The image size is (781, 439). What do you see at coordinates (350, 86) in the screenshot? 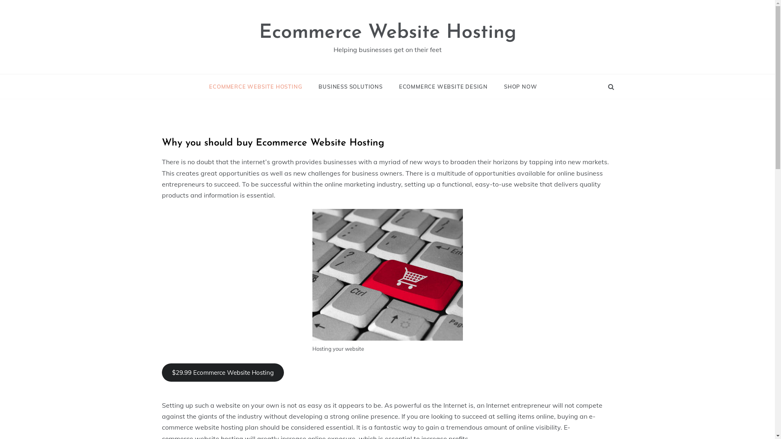
I see `'BUSINESS SOLUTIONS'` at bounding box center [350, 86].